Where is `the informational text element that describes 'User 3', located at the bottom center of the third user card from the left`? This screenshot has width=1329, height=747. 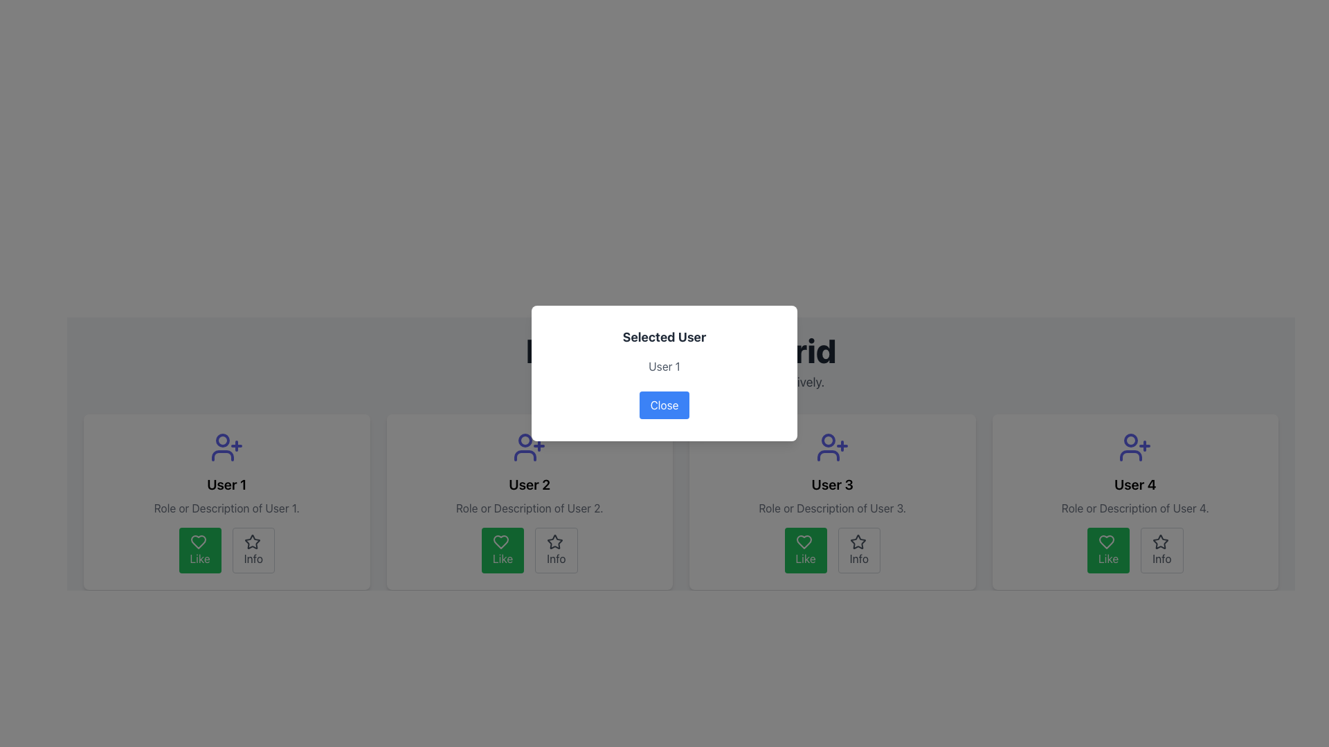 the informational text element that describes 'User 3', located at the bottom center of the third user card from the left is located at coordinates (831, 508).